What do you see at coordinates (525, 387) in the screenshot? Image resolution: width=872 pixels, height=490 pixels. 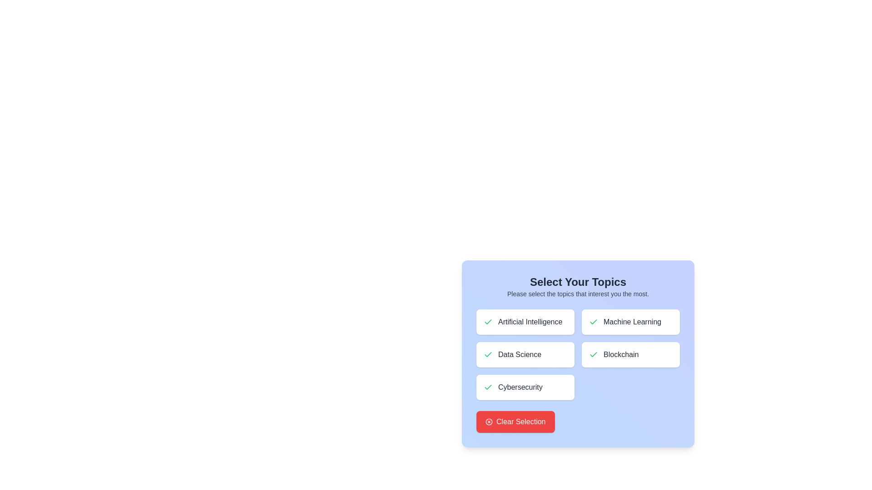 I see `the button corresponding to the topic Cybersecurity` at bounding box center [525, 387].